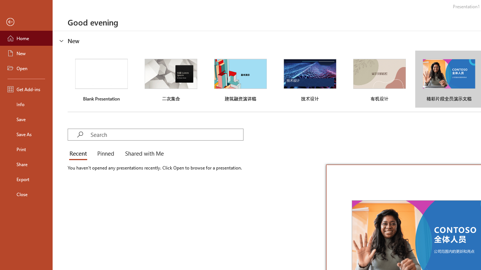  What do you see at coordinates (26, 149) in the screenshot?
I see `'Print'` at bounding box center [26, 149].